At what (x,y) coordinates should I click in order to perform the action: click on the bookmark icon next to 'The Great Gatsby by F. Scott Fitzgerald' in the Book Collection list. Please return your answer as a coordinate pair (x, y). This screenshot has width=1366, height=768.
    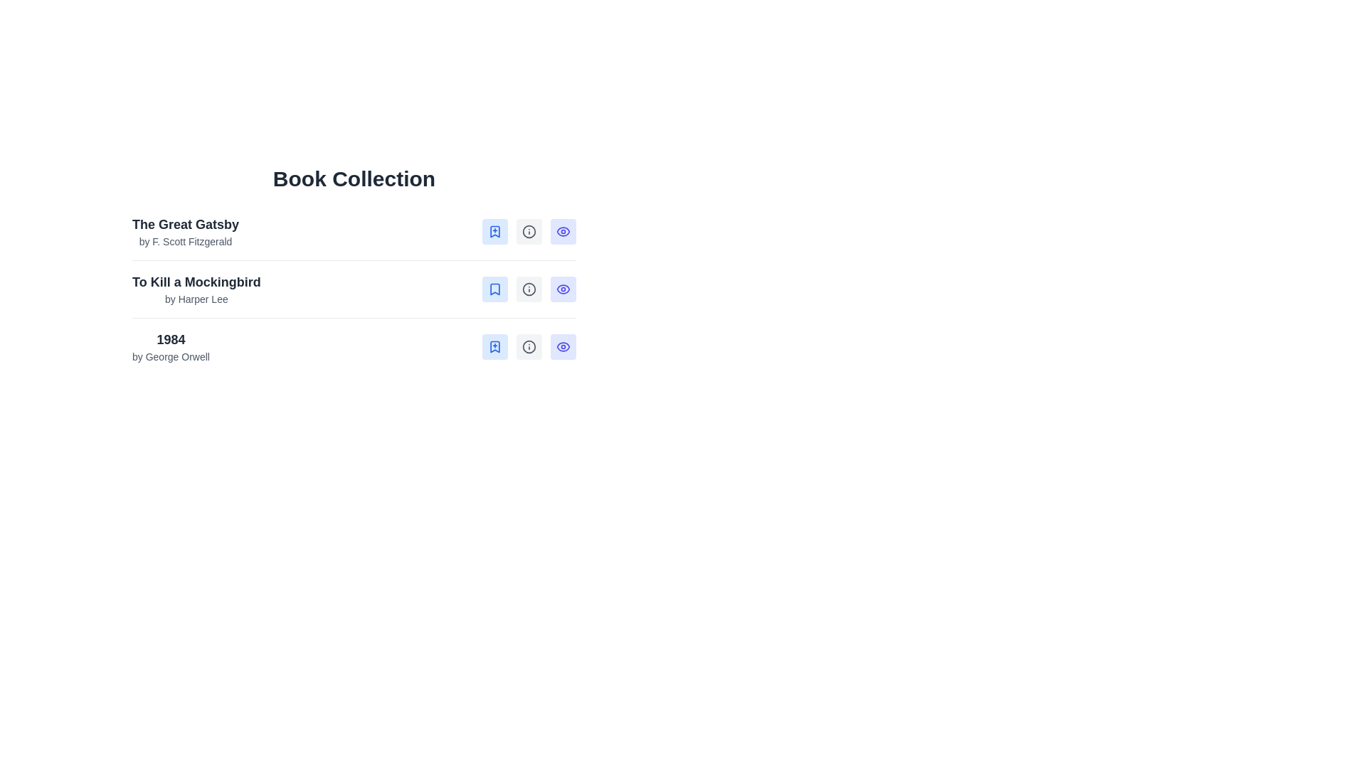
    Looking at the image, I should click on (495, 231).